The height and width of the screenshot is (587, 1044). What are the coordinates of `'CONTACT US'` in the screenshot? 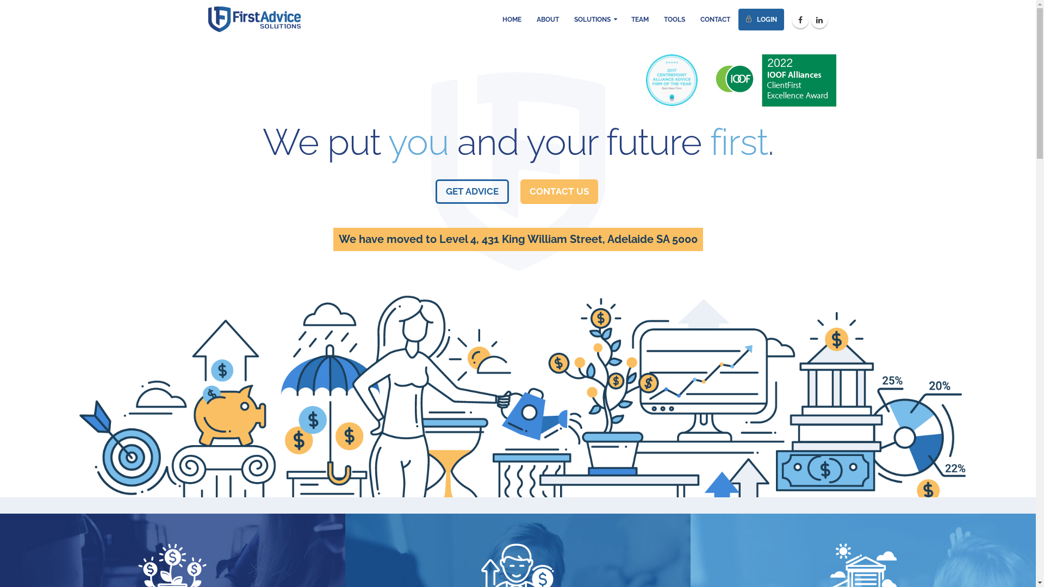 It's located at (519, 190).